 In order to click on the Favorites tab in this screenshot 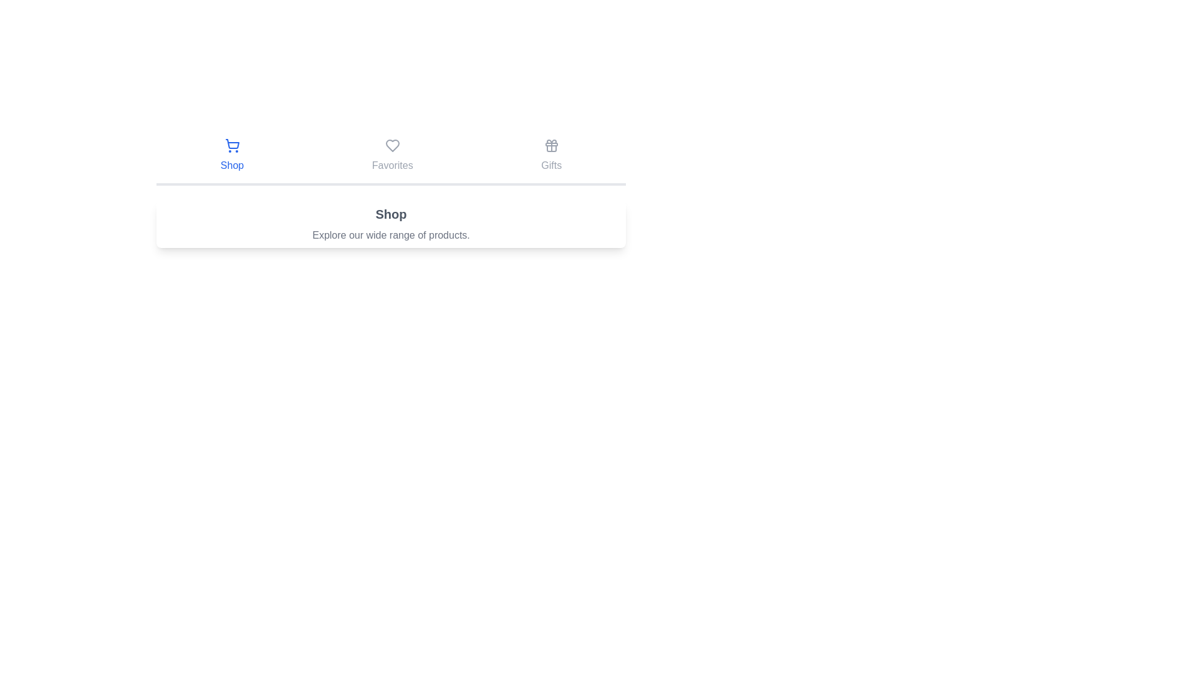, I will do `click(392, 155)`.